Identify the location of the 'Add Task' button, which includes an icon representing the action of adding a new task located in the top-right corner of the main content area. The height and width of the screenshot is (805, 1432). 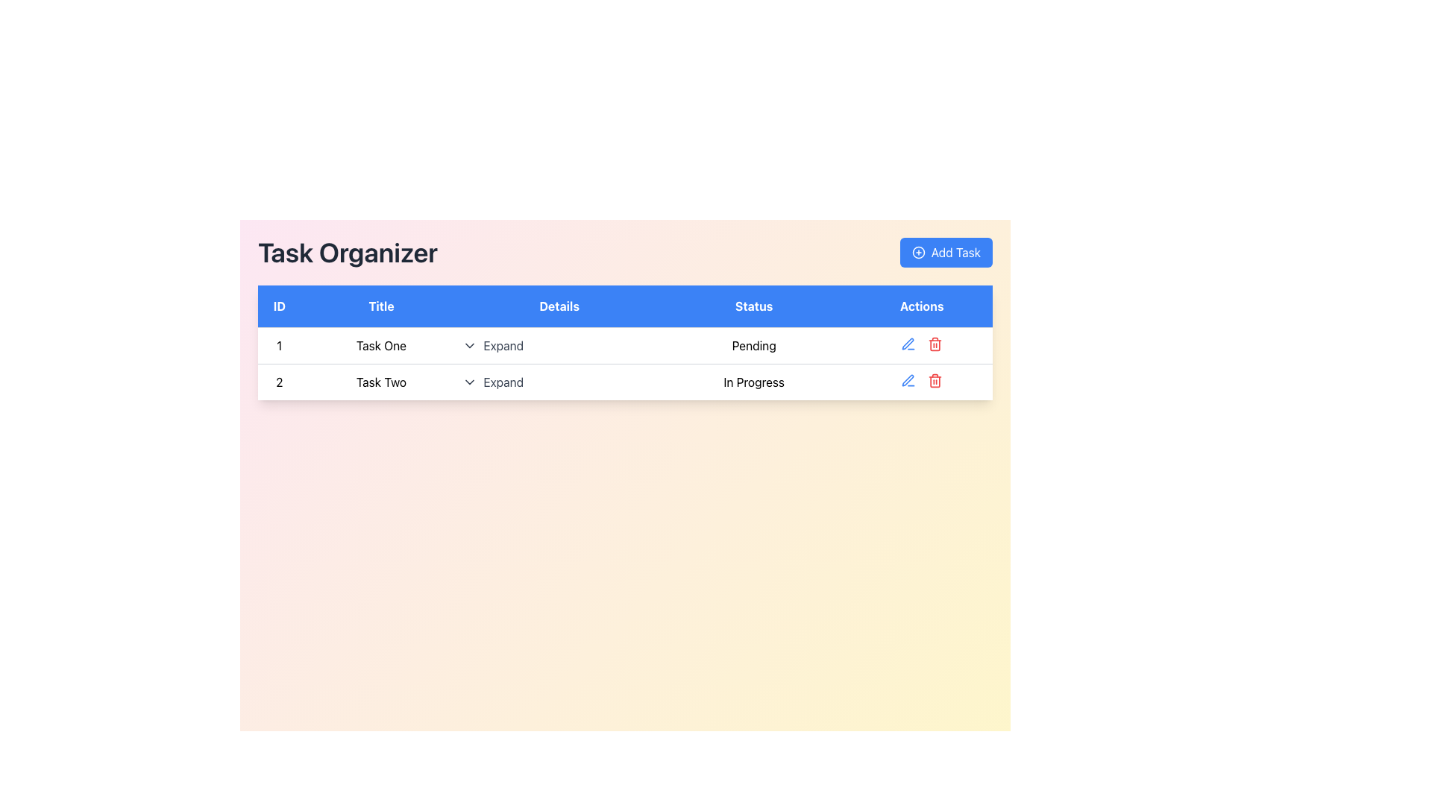
(917, 252).